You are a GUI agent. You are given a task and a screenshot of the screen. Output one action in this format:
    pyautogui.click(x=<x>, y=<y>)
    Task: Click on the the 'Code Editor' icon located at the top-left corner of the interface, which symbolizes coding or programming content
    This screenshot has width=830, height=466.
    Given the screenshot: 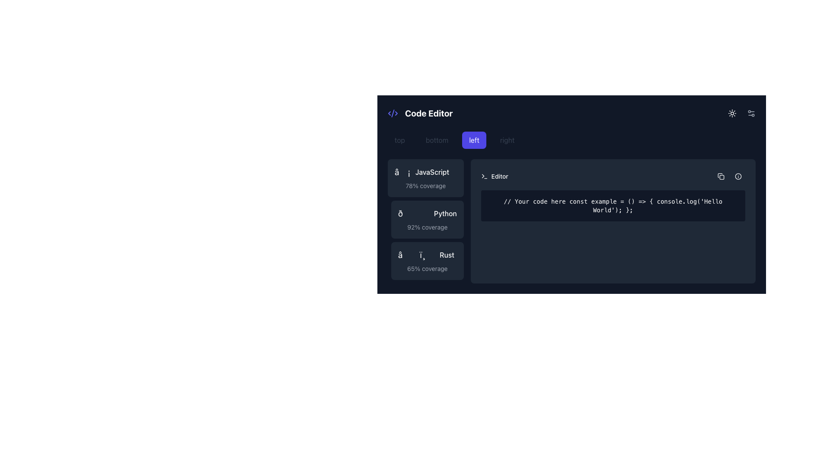 What is the action you would take?
    pyautogui.click(x=392, y=113)
    